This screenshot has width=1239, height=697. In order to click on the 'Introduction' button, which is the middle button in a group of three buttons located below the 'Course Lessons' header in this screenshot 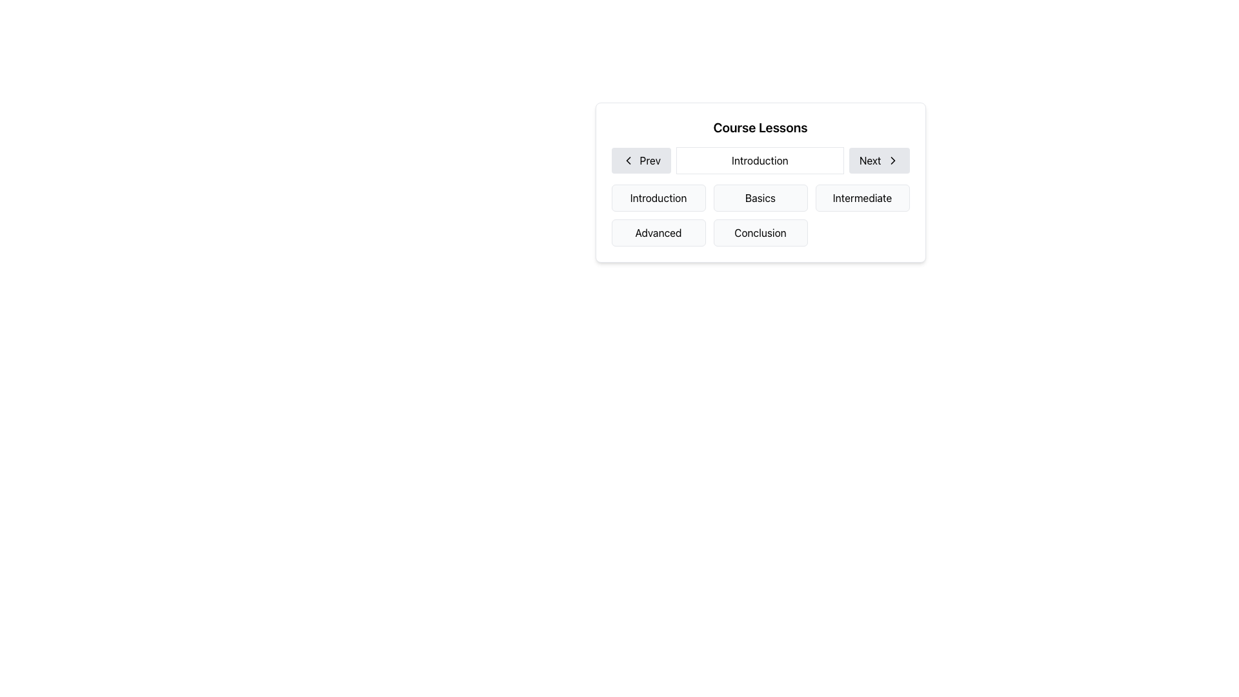, I will do `click(760, 160)`.